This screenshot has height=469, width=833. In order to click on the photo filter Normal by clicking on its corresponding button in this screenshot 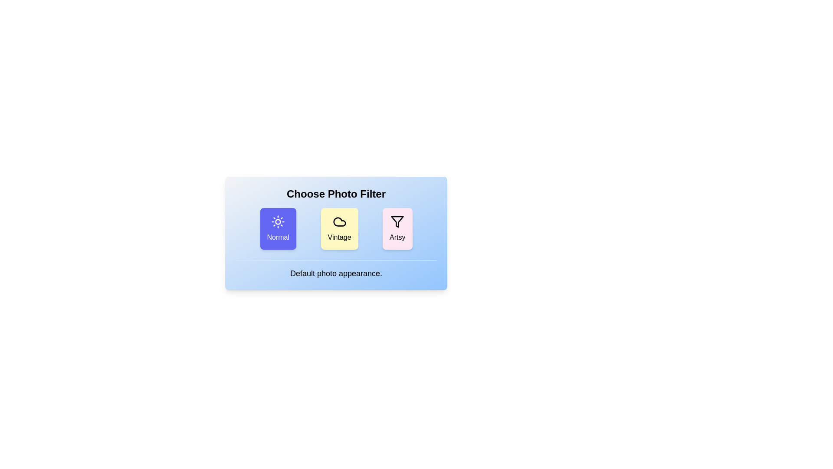, I will do `click(278, 228)`.